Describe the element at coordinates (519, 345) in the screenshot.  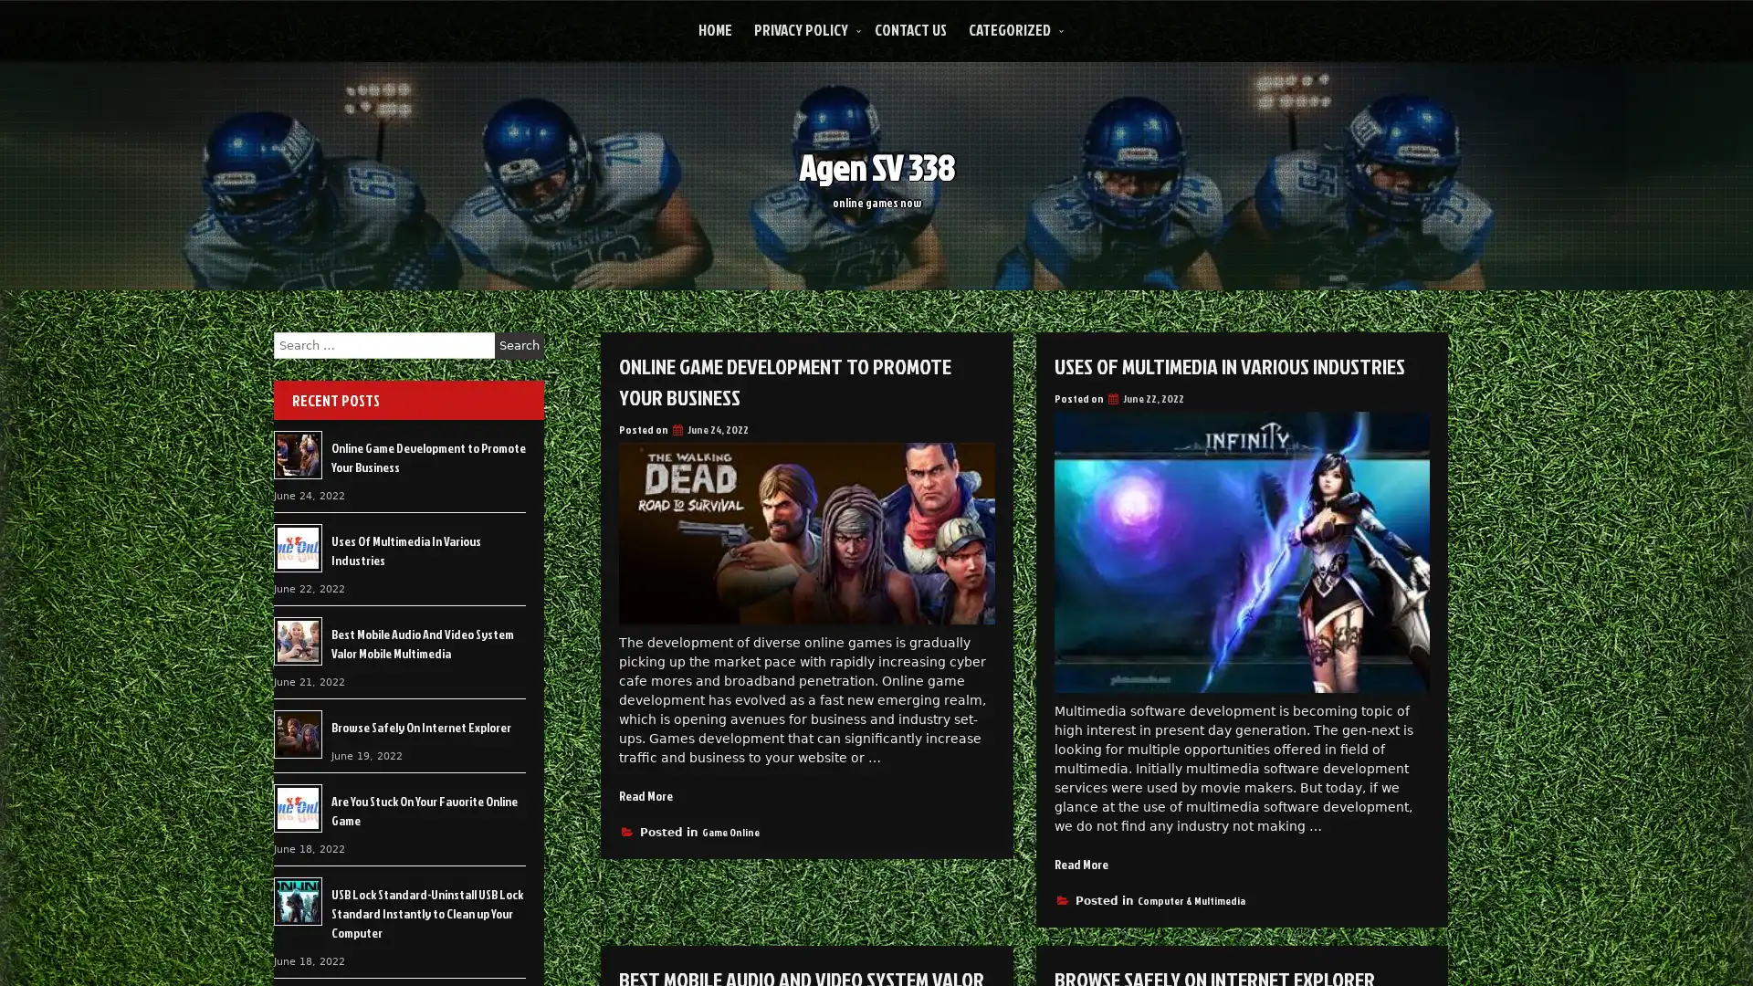
I see `Search` at that location.